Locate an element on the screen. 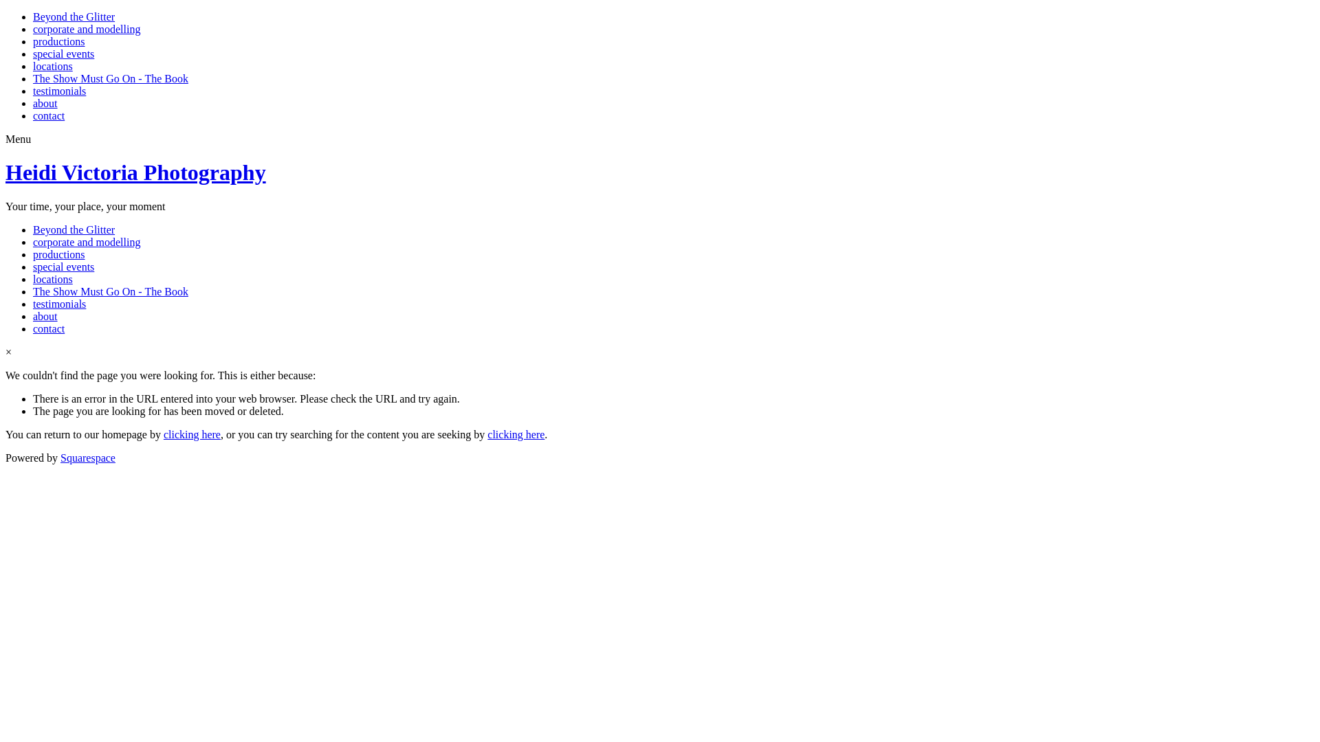 This screenshot has width=1320, height=742. 'about' is located at coordinates (45, 316).